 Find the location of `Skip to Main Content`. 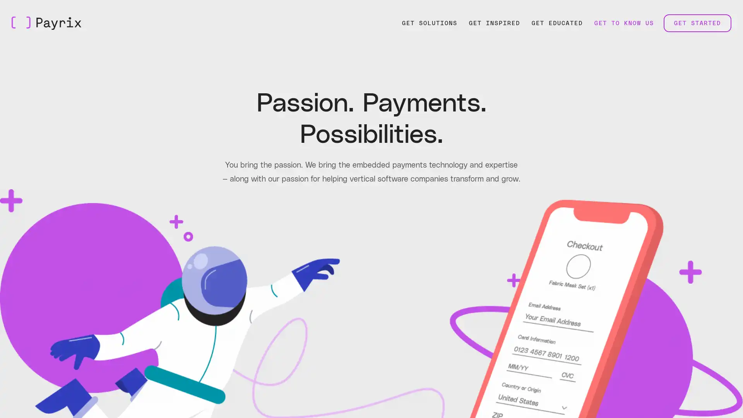

Skip to Main Content is located at coordinates (8, 8).